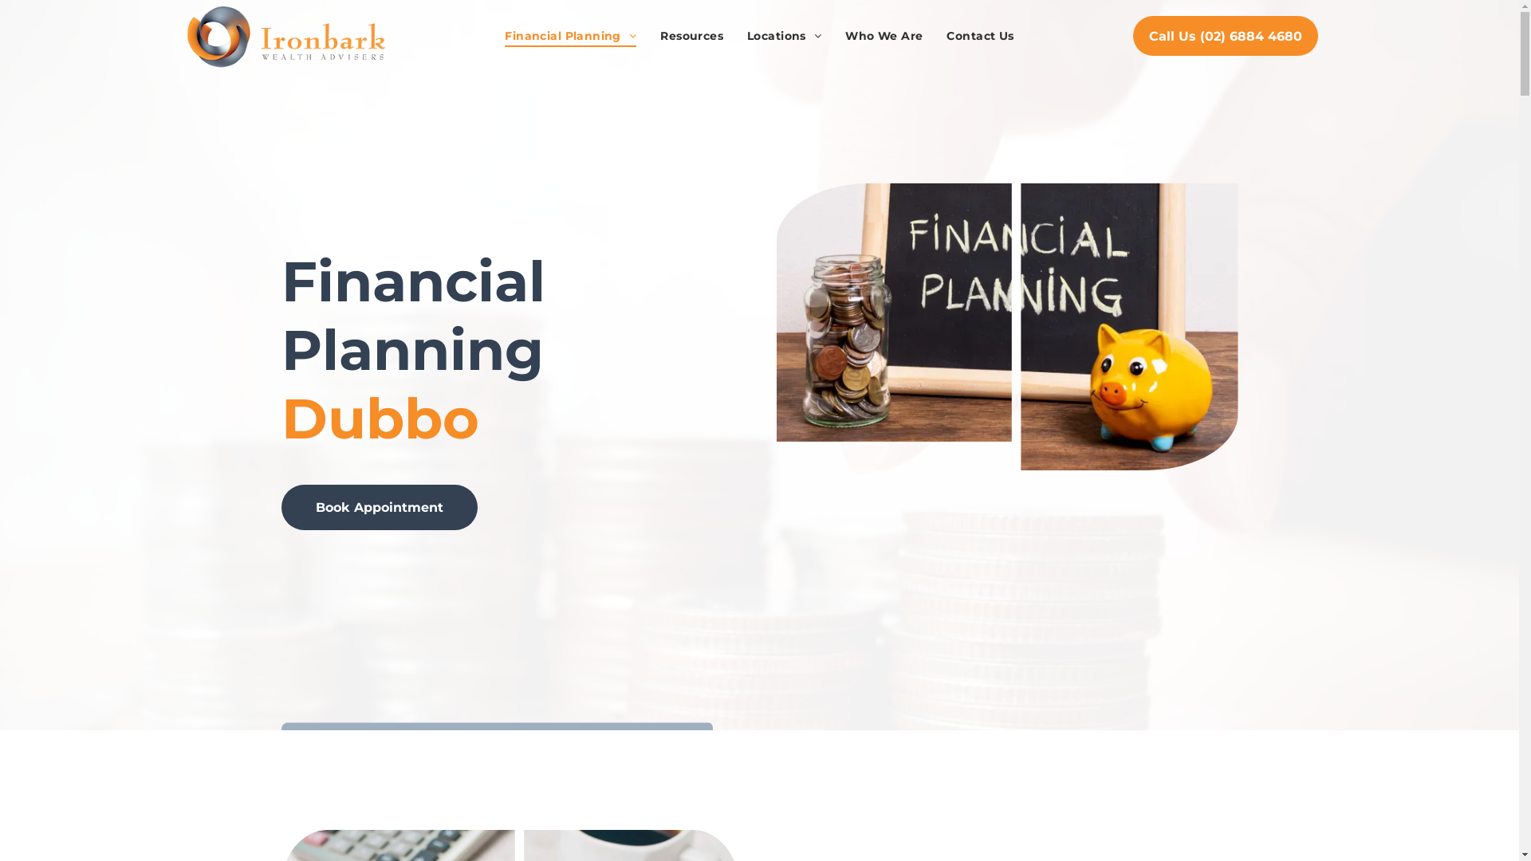  Describe the element at coordinates (883, 36) in the screenshot. I see `'Who We Are'` at that location.